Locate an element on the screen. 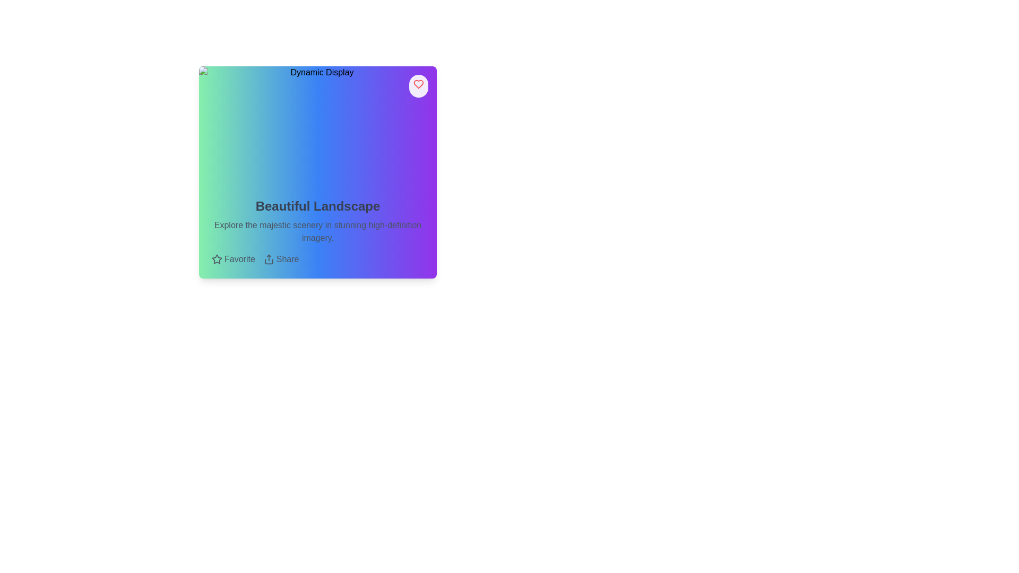 This screenshot has width=1019, height=573. the 'Share' button, which is located to the right of the 'Favorite' button in a composite element containing two interactive buttons with icons and labels, styled in a linear layout is located at coordinates (317, 259).